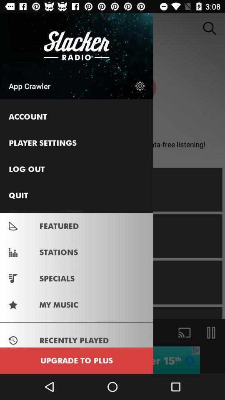 The image size is (225, 400). What do you see at coordinates (211, 332) in the screenshot?
I see `the pause icon` at bounding box center [211, 332].